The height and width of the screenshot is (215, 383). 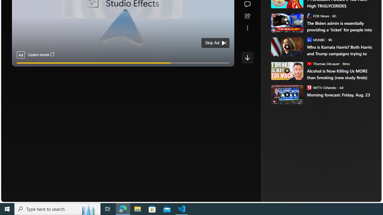 What do you see at coordinates (321, 87) in the screenshot?
I see `'WFTV Orlando WFTV Orlando'` at bounding box center [321, 87].